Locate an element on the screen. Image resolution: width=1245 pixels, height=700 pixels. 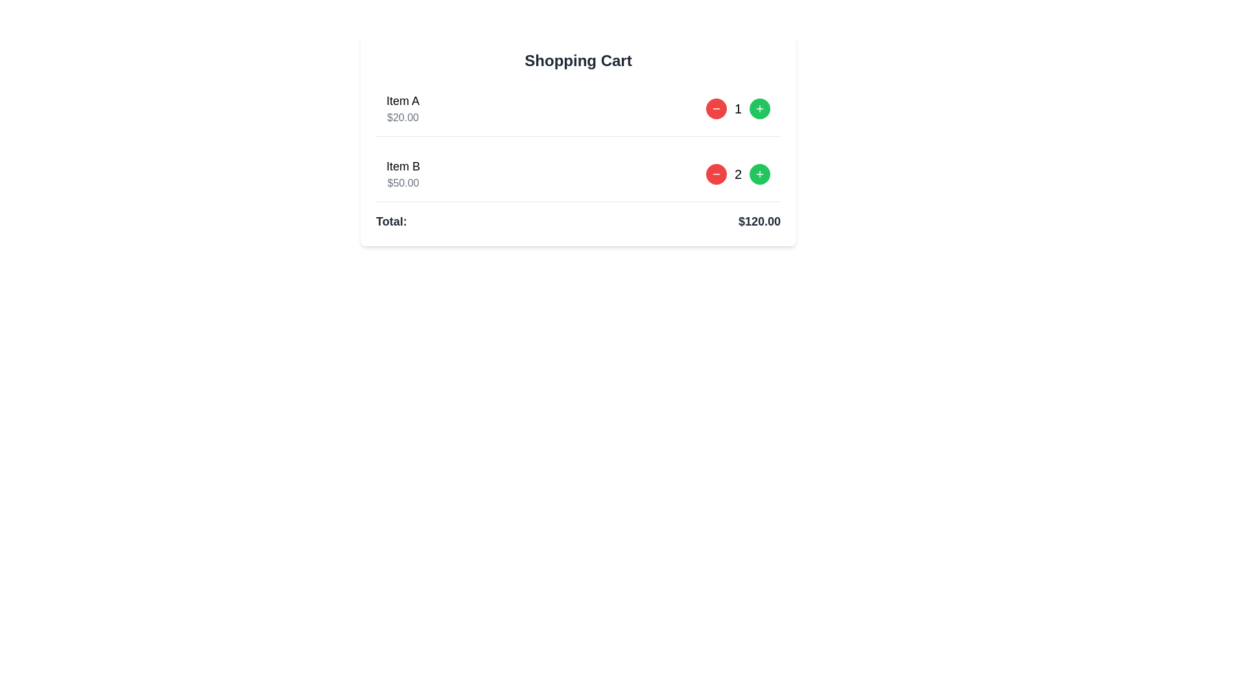
price text label displaying '$20.00' located below the 'Item A' label in the shopping cart section is located at coordinates (402, 117).